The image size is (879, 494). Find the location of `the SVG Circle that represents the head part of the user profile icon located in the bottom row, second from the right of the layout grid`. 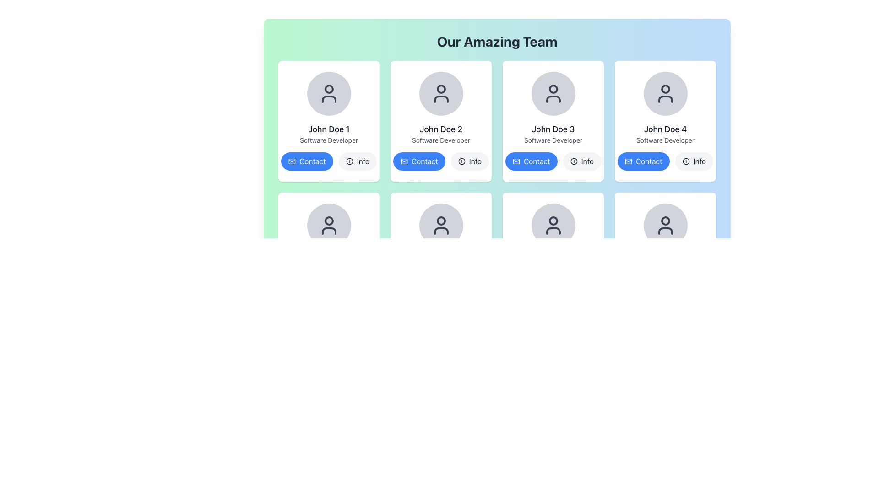

the SVG Circle that represents the head part of the user profile icon located in the bottom row, second from the right of the layout grid is located at coordinates (553, 220).